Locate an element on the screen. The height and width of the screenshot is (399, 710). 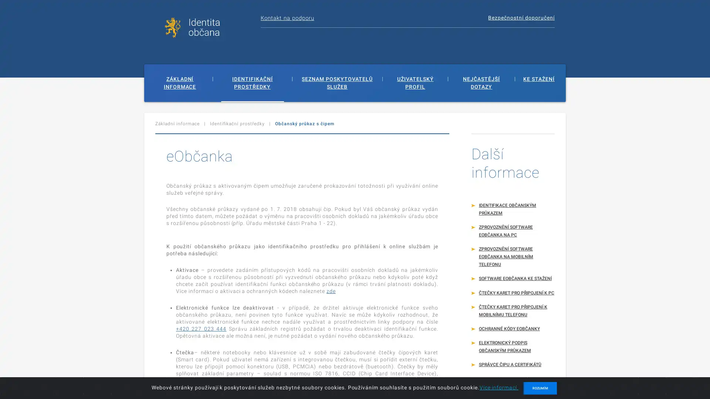
ROZUMIM is located at coordinates (540, 387).